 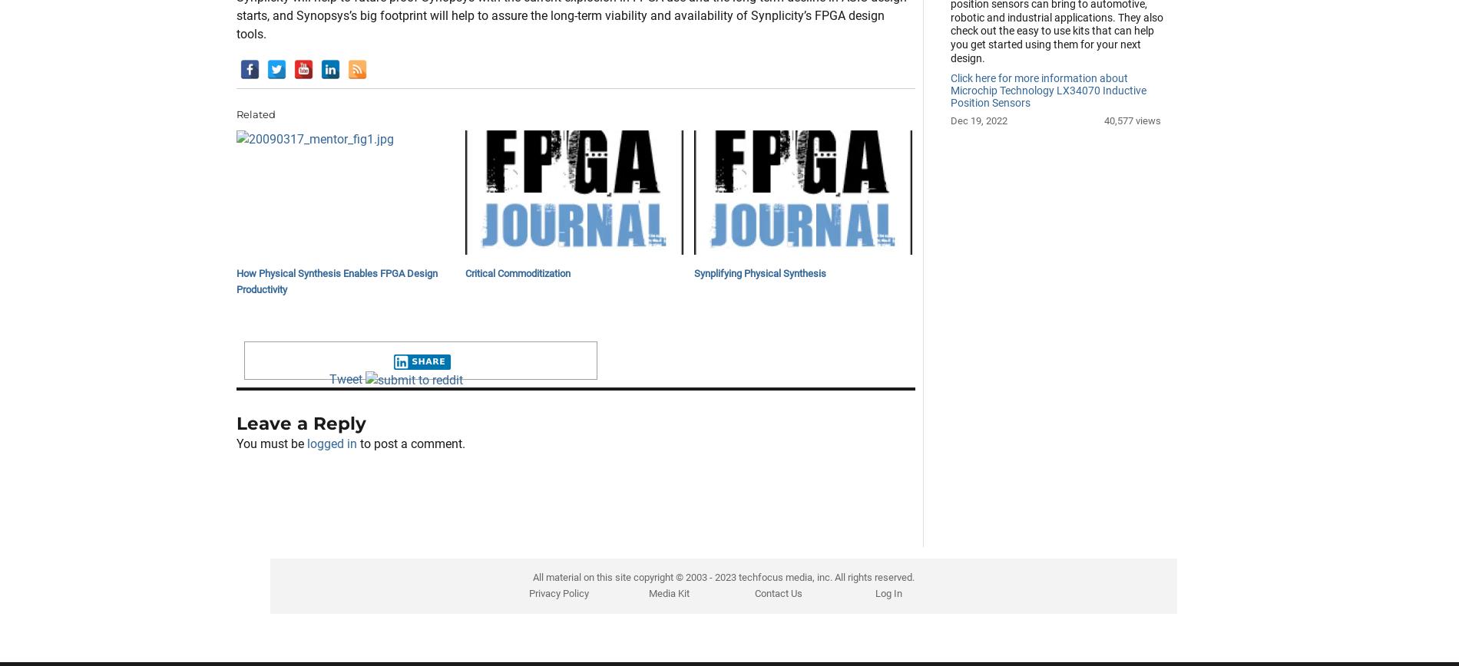 I want to click on 'Related', so click(x=254, y=190).